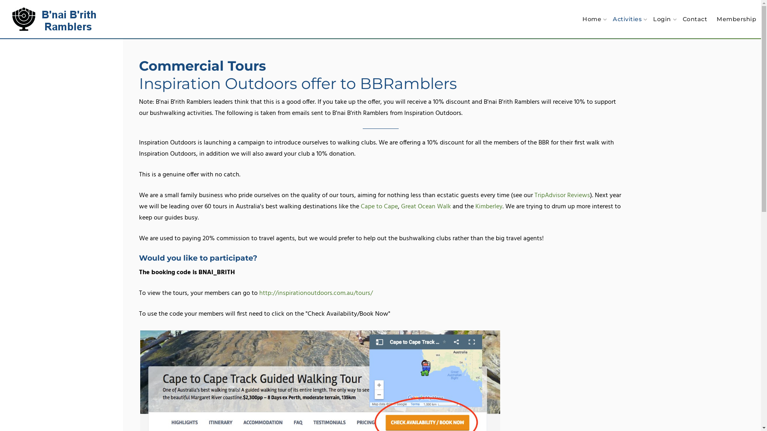  I want to click on 'Kimberley', so click(489, 206).